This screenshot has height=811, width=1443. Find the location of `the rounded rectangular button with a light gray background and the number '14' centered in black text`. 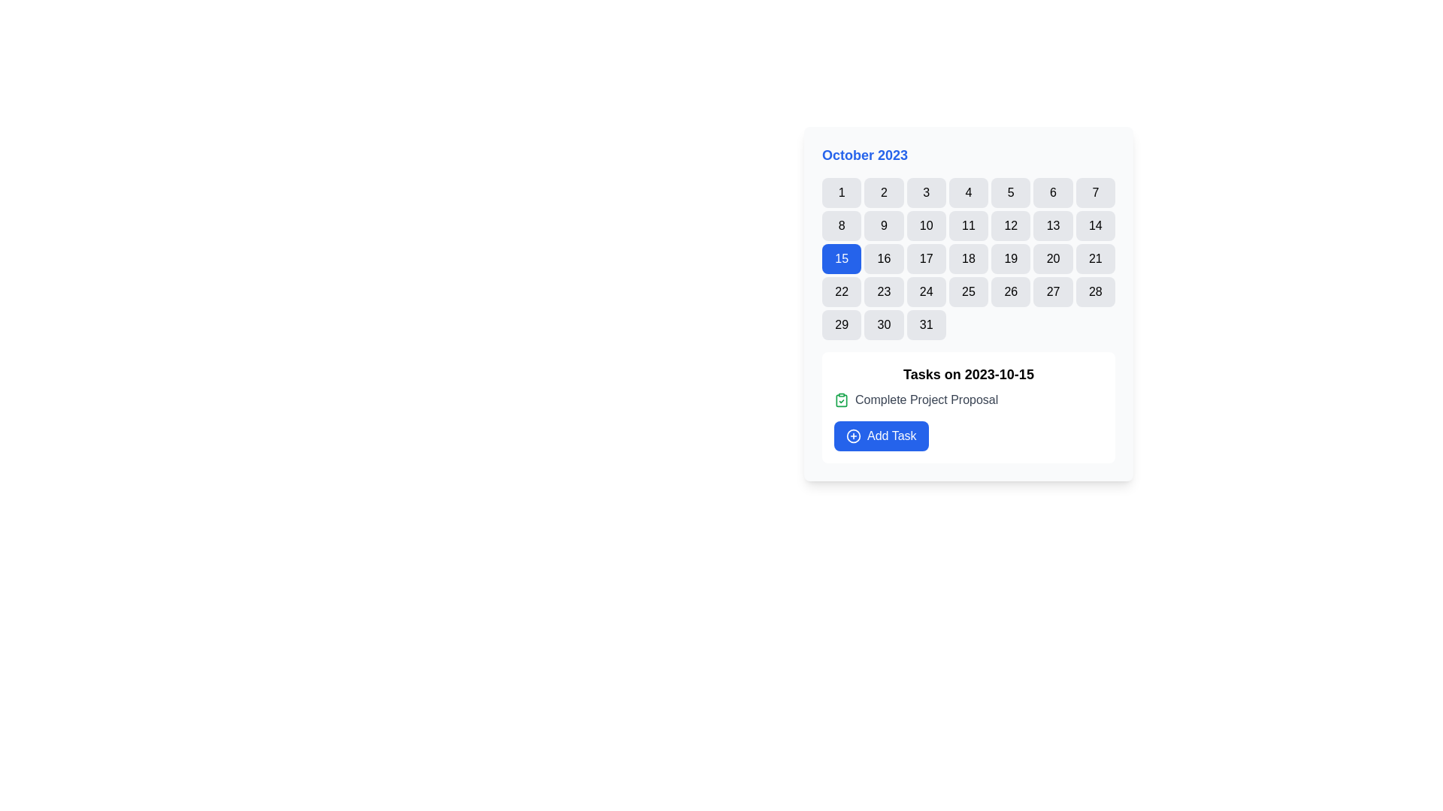

the rounded rectangular button with a light gray background and the number '14' centered in black text is located at coordinates (1095, 225).